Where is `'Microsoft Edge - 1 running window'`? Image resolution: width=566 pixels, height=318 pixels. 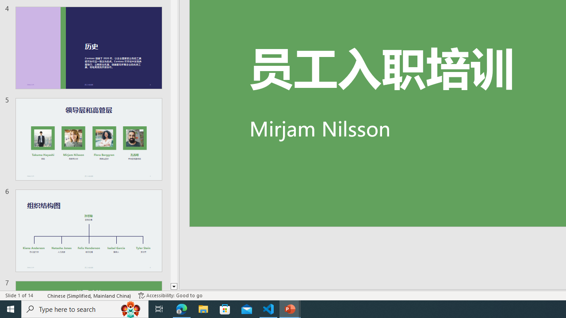 'Microsoft Edge - 1 running window' is located at coordinates (181, 308).